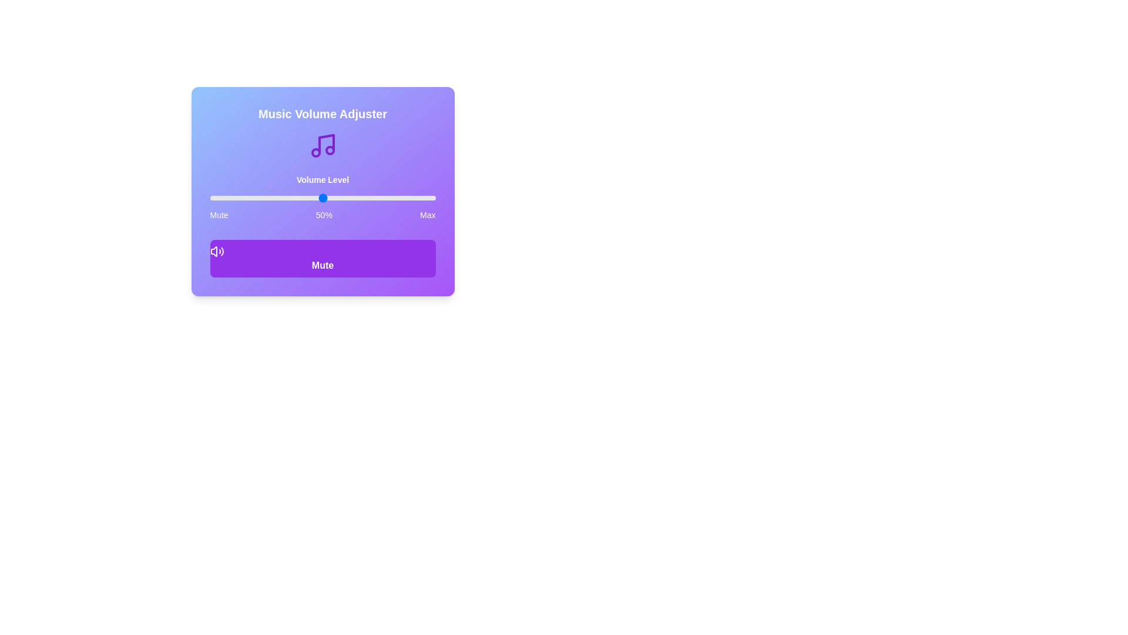 The image size is (1128, 635). Describe the element at coordinates (331, 197) in the screenshot. I see `the volume slider to set the volume to 54%` at that location.